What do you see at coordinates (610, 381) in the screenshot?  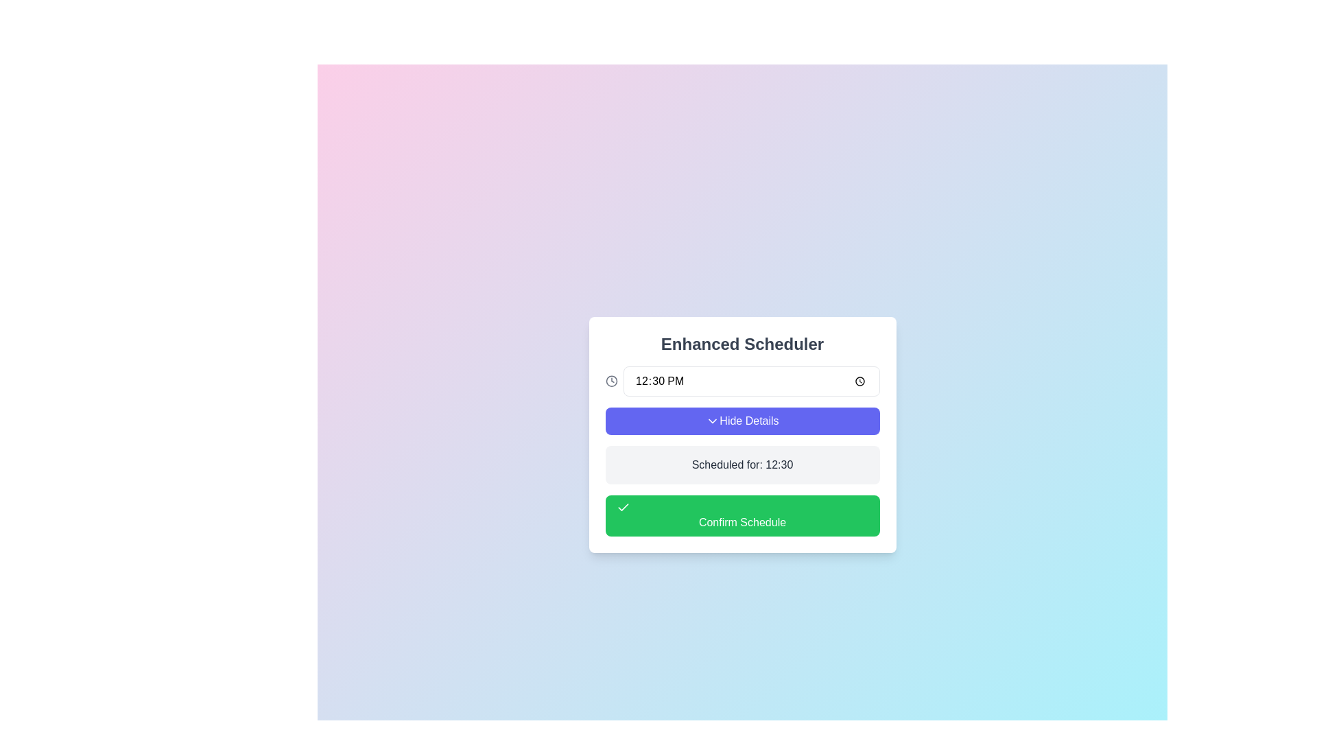 I see `the clock icon, which is a circular icon with hour and minute hands in a gray color tone, located on the right side of the input field displaying the time ('12:30 PM') within the scheduler card` at bounding box center [610, 381].